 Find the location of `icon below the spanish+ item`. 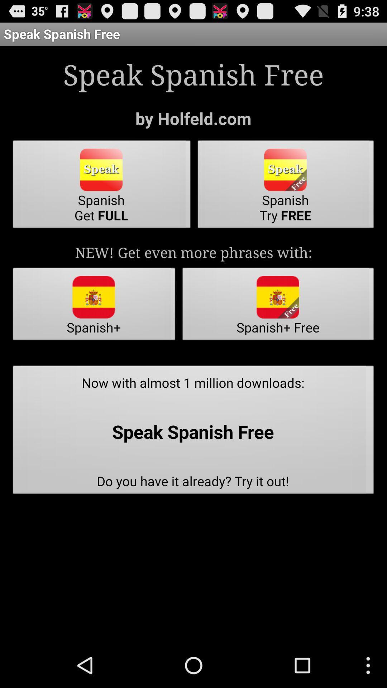

icon below the spanish+ item is located at coordinates (193, 431).